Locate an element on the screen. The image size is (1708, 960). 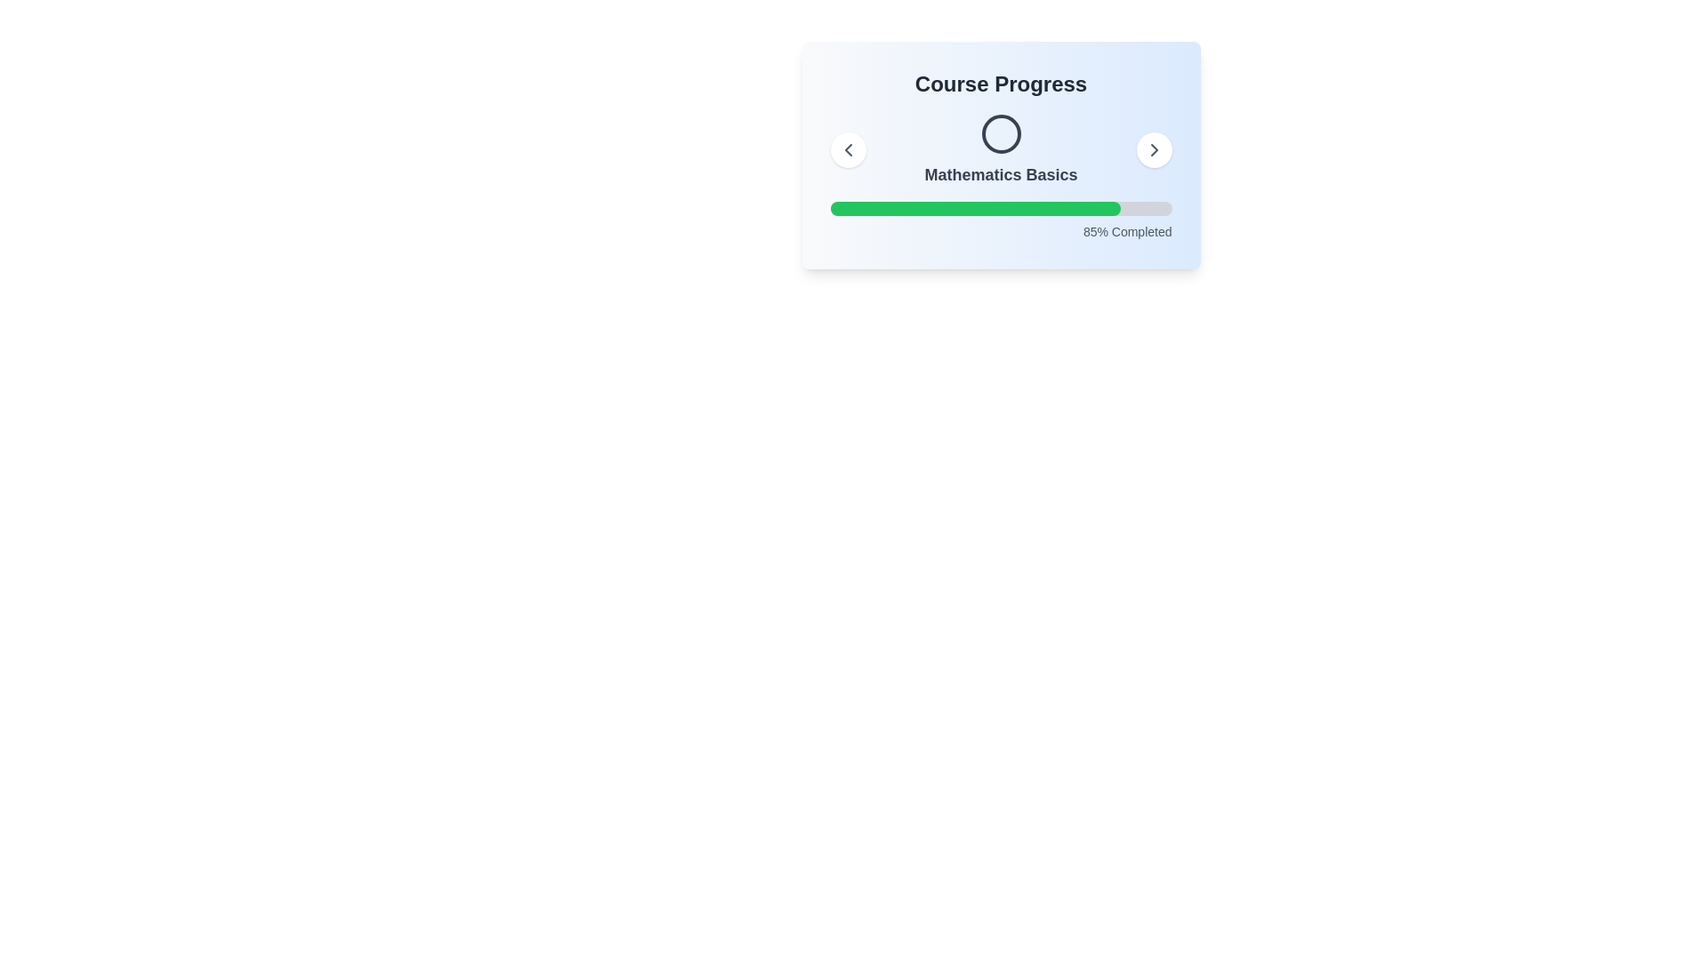
the chevron icon within the circular button located near the top-right corner of its section is located at coordinates (1154, 149).